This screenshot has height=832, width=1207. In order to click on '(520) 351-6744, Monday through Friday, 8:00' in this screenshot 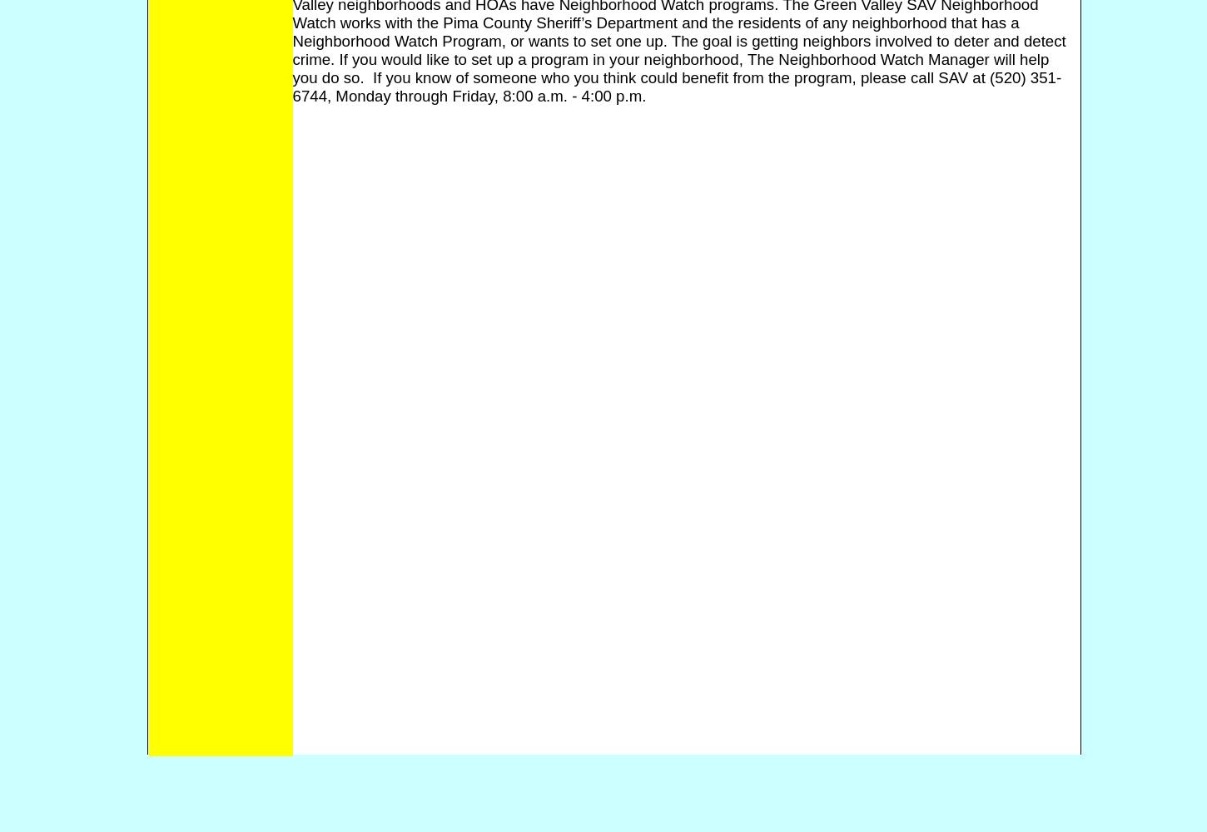, I will do `click(677, 85)`.